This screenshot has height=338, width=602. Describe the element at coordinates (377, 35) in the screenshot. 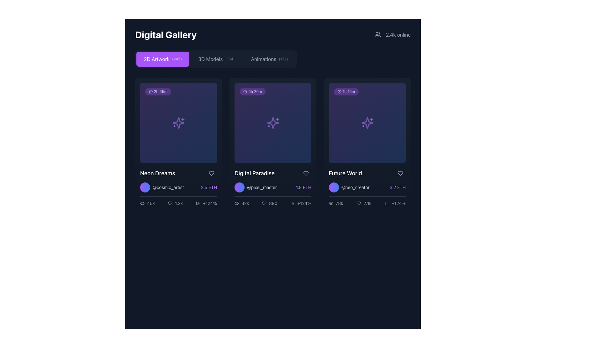

I see `the user online icon located in the top-right corner of the interface, adjacent to the text '2.4k online'` at that location.